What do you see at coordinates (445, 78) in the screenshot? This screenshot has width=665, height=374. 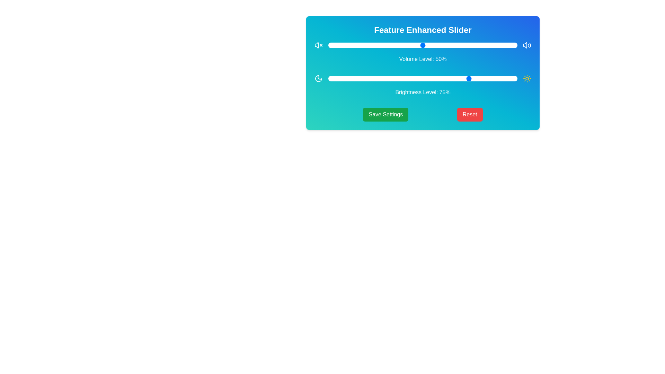 I see `brightness` at bounding box center [445, 78].